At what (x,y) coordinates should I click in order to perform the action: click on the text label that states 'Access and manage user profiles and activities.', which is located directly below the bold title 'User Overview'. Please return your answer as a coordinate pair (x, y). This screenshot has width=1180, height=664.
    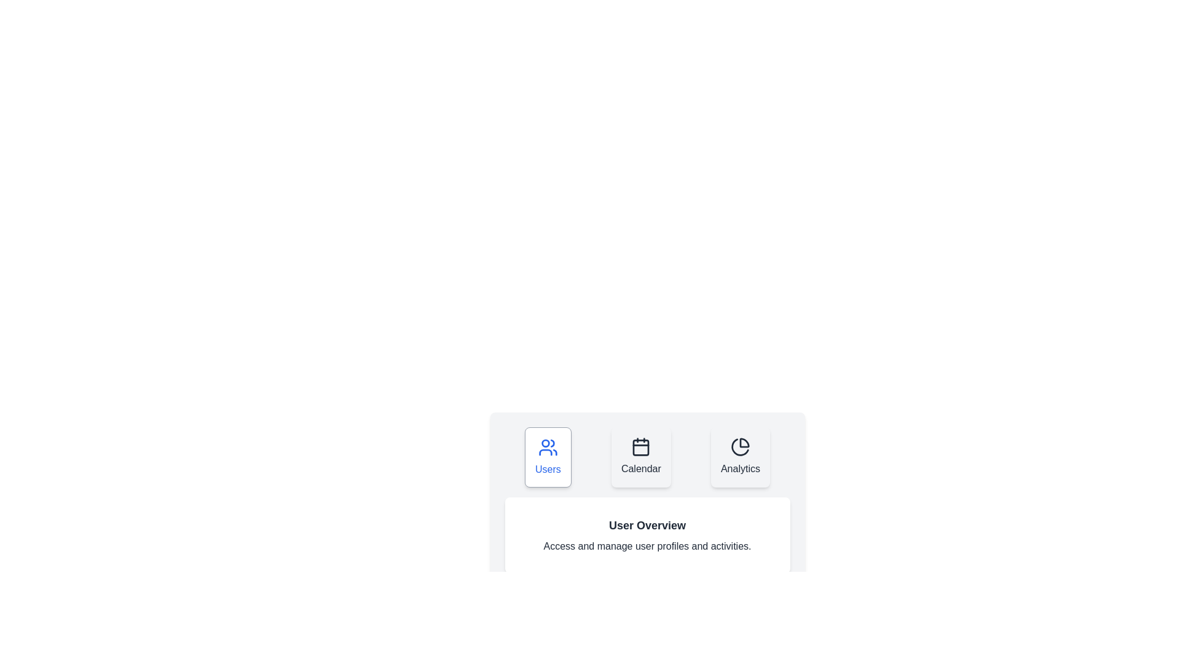
    Looking at the image, I should click on (647, 545).